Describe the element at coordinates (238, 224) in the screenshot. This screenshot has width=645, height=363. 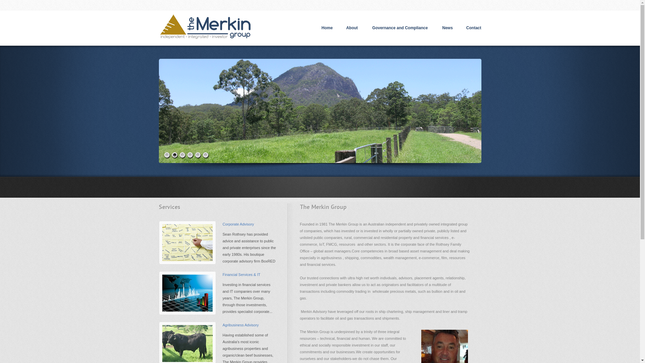
I see `'Corporate Advisory'` at that location.